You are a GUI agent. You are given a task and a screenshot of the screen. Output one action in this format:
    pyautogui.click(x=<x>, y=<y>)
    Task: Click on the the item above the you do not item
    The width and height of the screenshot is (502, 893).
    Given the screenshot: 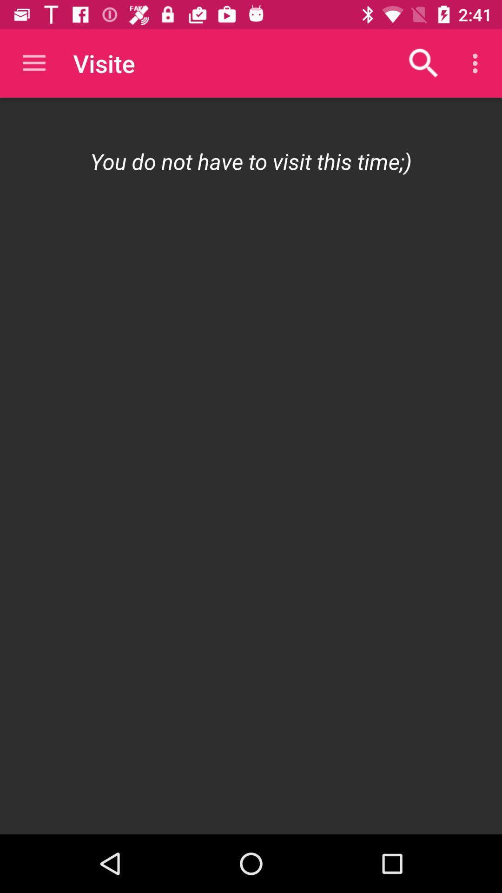 What is the action you would take?
    pyautogui.click(x=423, y=63)
    